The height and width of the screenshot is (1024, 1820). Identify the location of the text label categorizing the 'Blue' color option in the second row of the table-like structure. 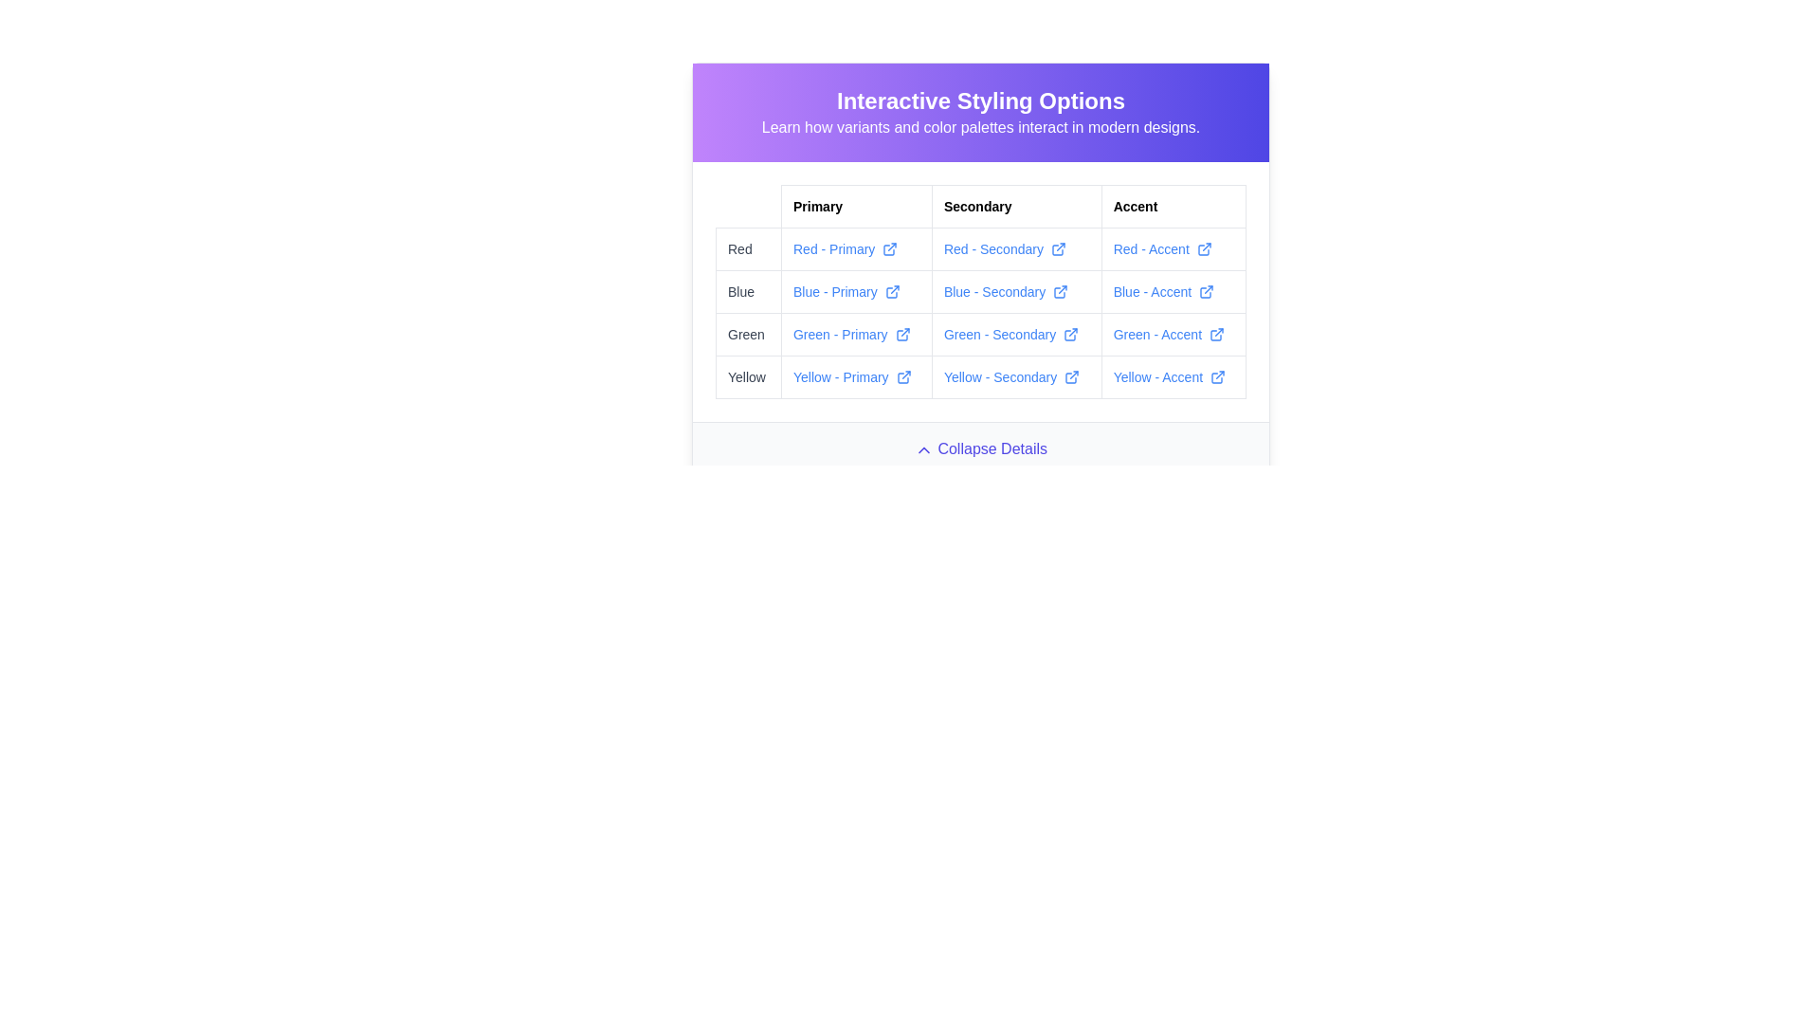
(748, 292).